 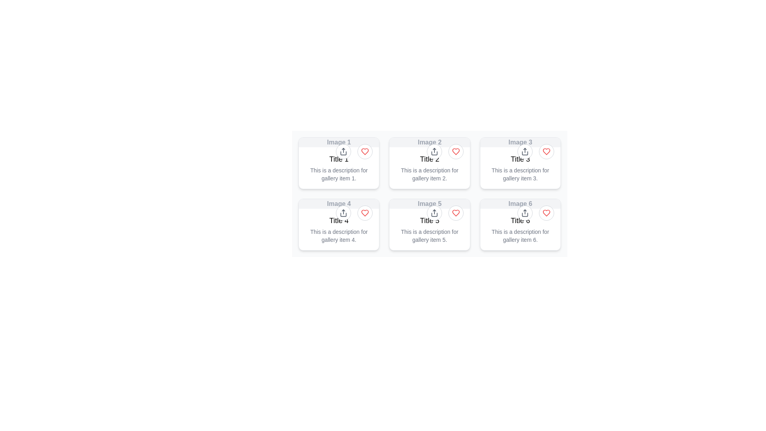 I want to click on the static text label displaying 'Image 4' in a grayish font, which is part of the fourth gallery item card in the second row of a two-row and three-column grid layout, so click(x=339, y=203).